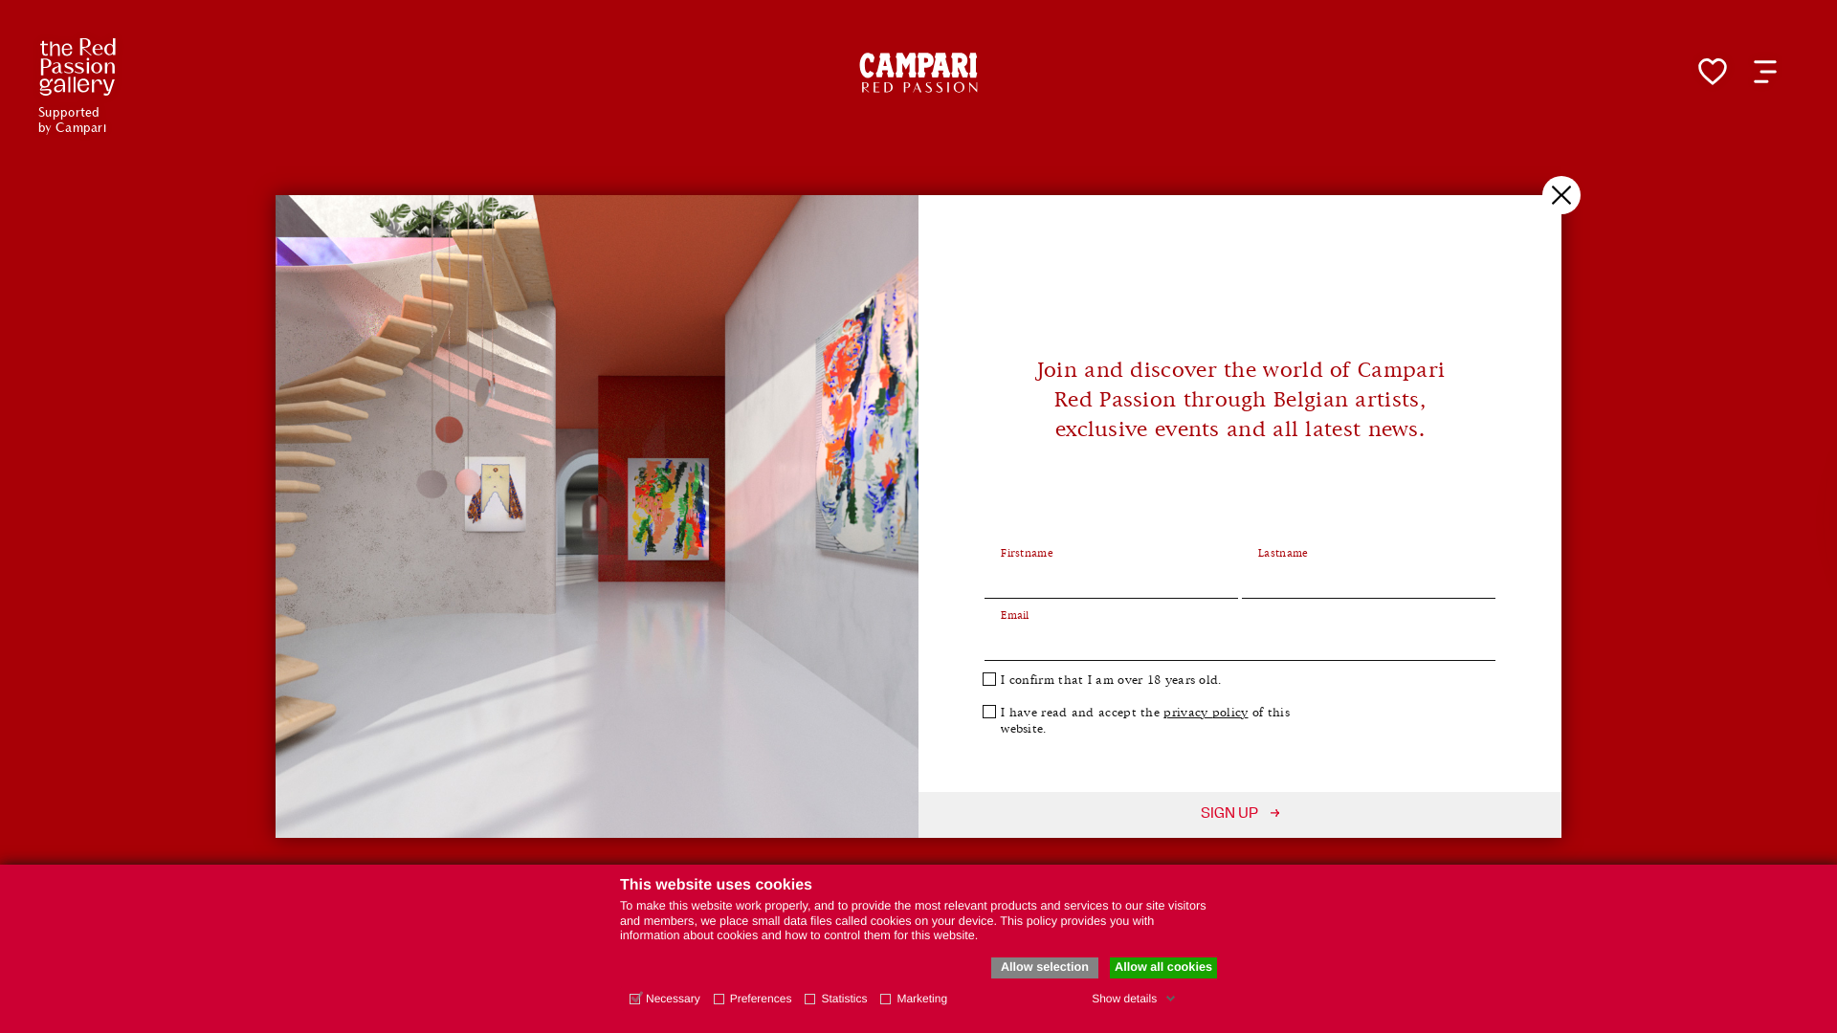  What do you see at coordinates (1110, 967) in the screenshot?
I see `'Allow all cookies'` at bounding box center [1110, 967].